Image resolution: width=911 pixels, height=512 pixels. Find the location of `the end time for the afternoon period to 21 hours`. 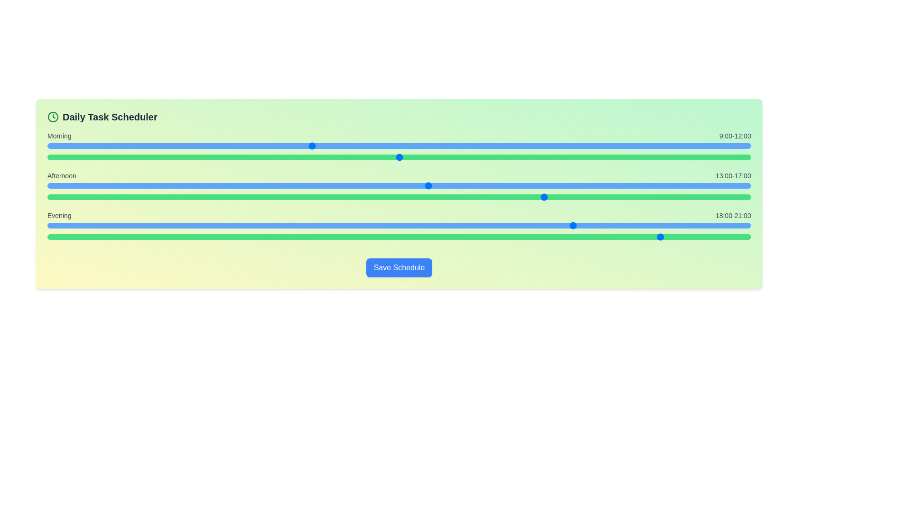

the end time for the afternoon period to 21 hours is located at coordinates (559, 197).